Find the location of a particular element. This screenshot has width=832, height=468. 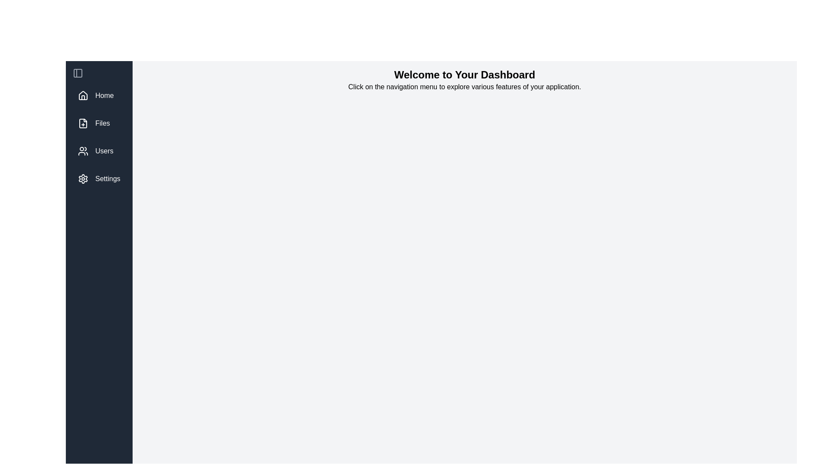

the 'Users' item in the vertically stacked navigation menu located on the left side of the interface is located at coordinates (99, 136).